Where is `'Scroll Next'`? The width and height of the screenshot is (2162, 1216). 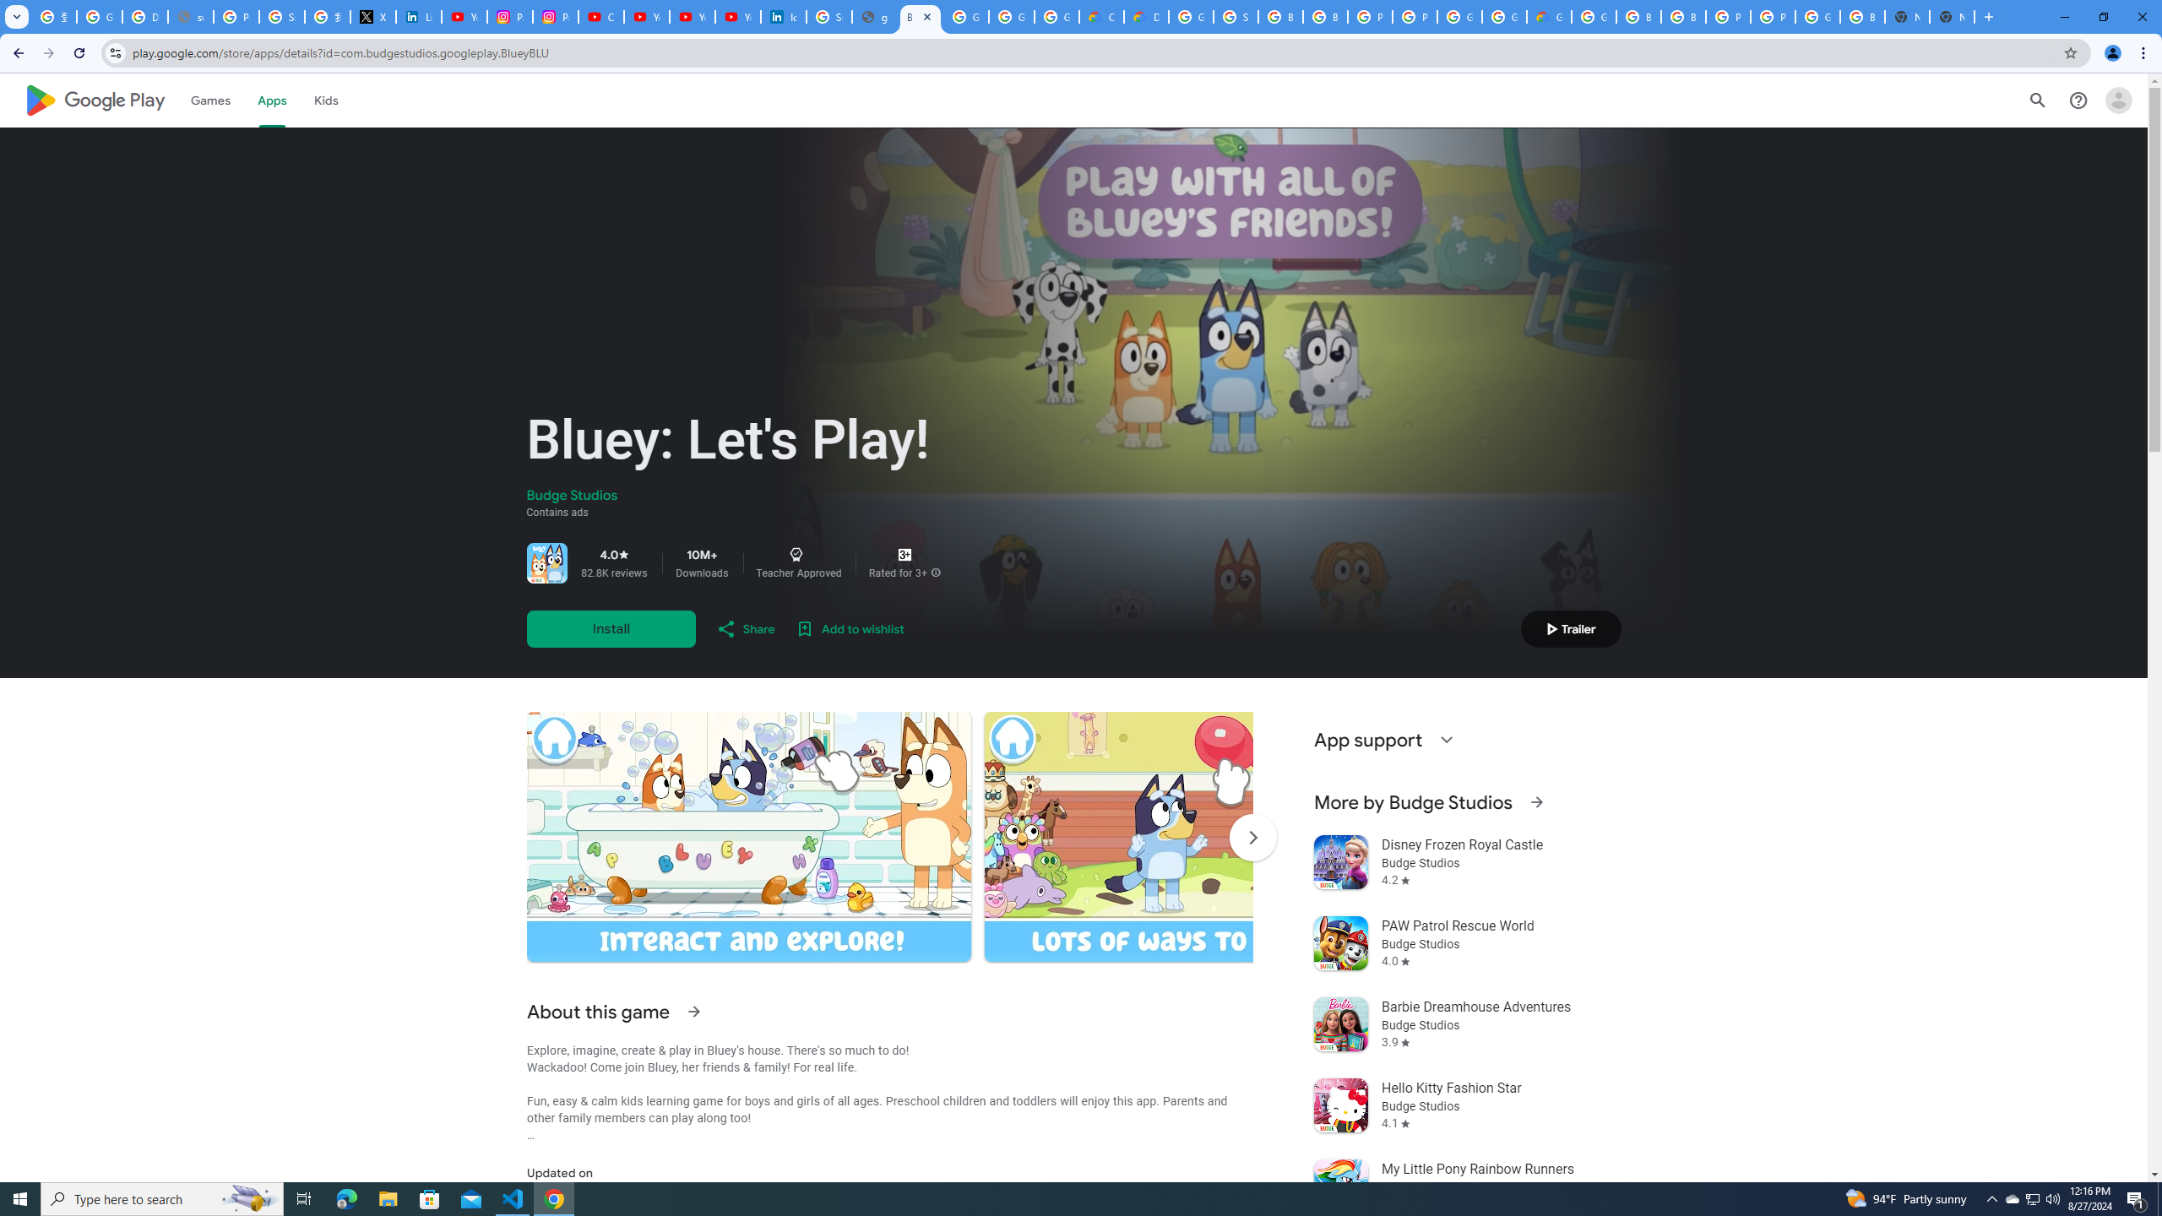 'Scroll Next' is located at coordinates (1252, 837).